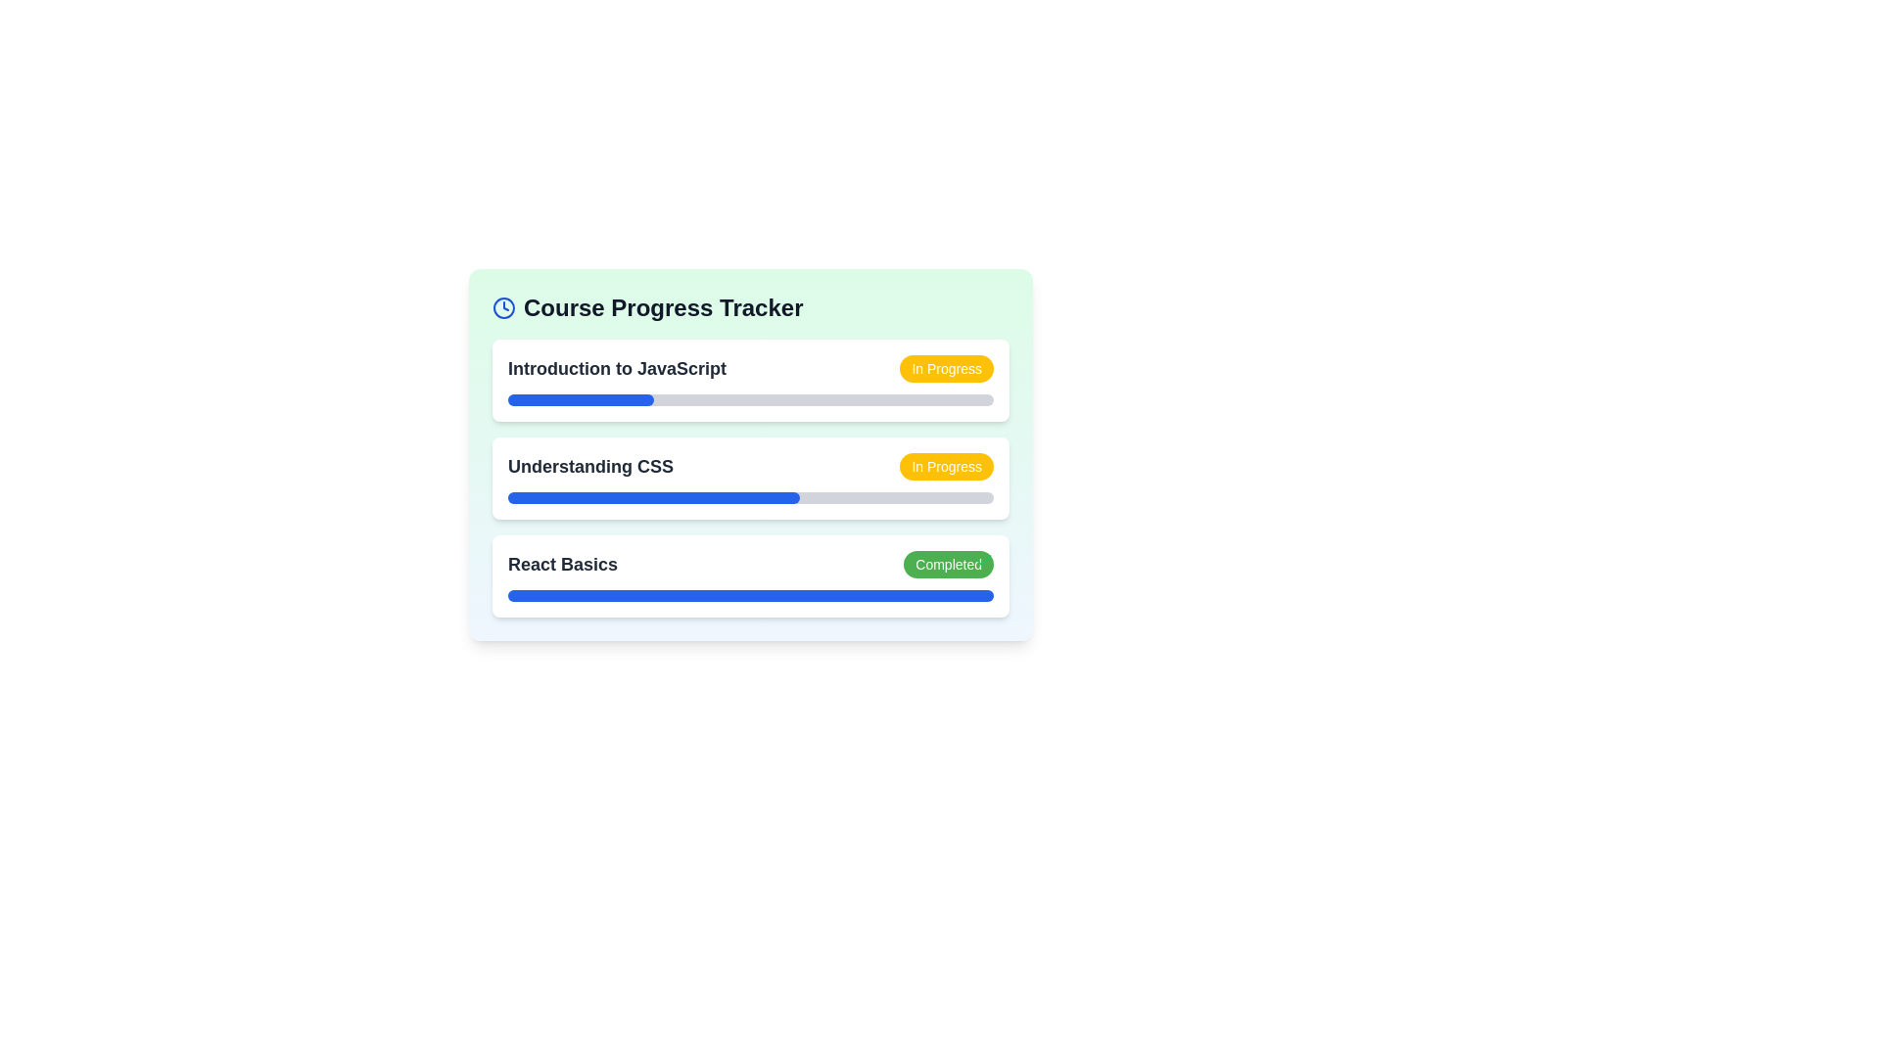 This screenshot has height=1057, width=1880. Describe the element at coordinates (750, 369) in the screenshot. I see `the labeled status display element titled 'Introduction to JavaScript'` at that location.